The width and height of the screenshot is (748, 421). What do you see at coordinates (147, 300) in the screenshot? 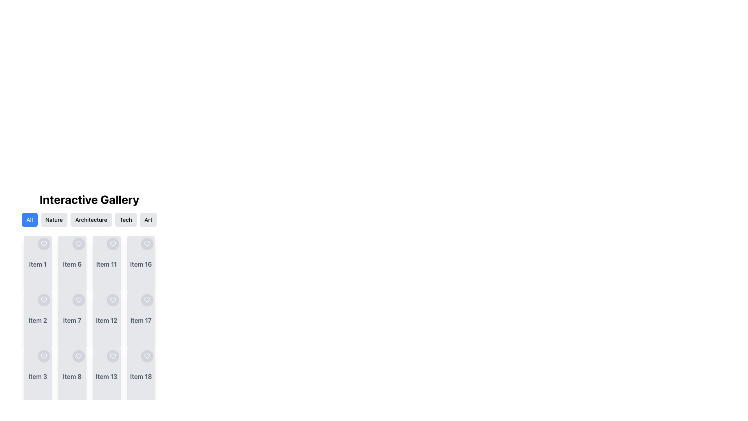
I see `the favorite button located in the top-right corner of the card for Item 17 to mark it as a favorite` at bounding box center [147, 300].